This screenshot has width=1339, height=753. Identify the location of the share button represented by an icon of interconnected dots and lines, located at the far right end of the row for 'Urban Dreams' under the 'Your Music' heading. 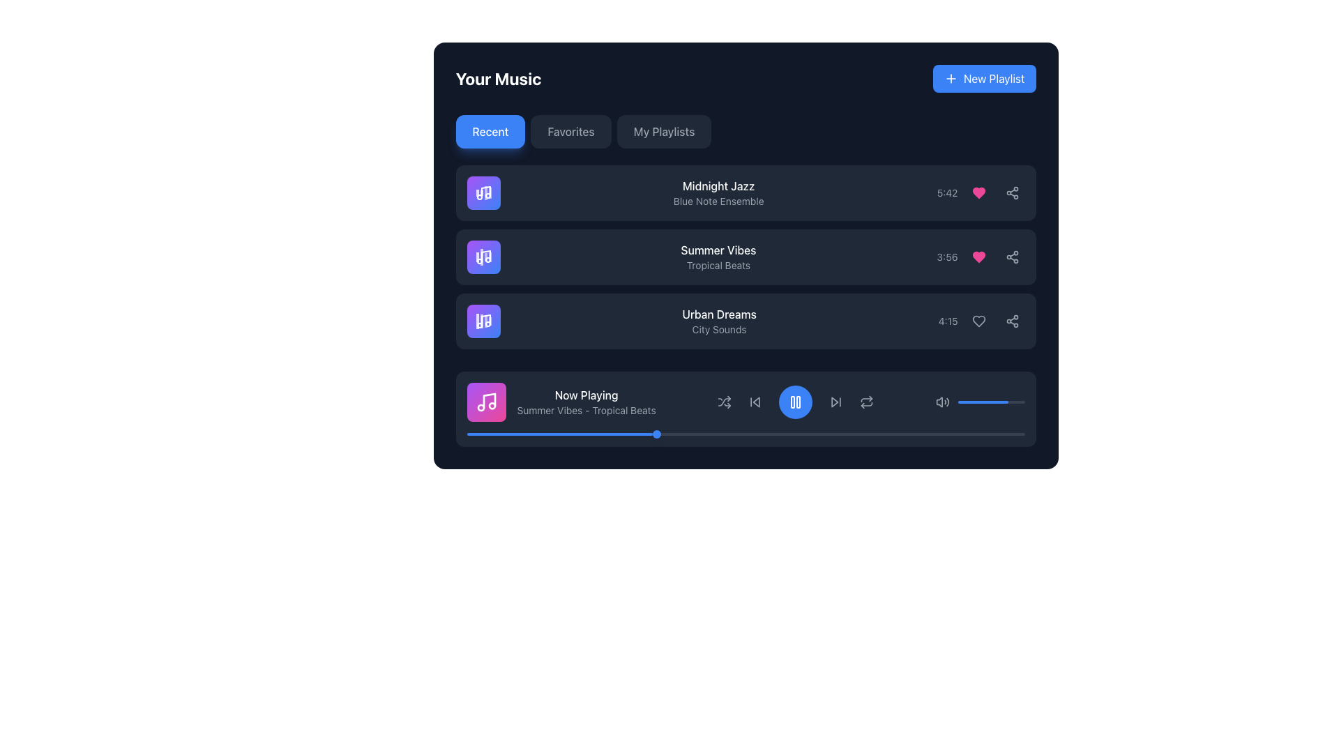
(1012, 257).